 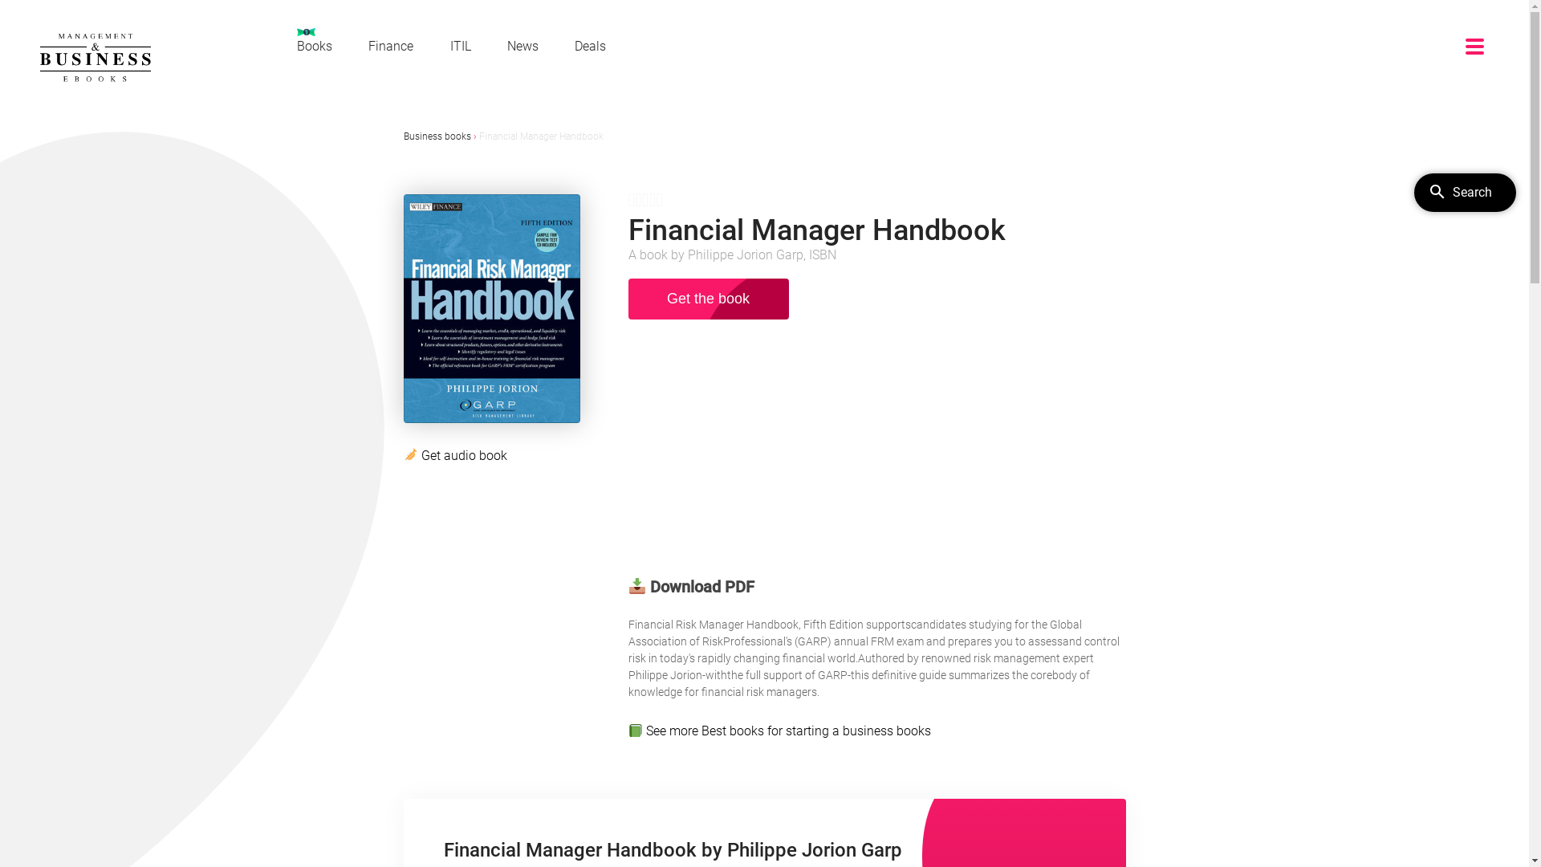 I want to click on 'Get the book', so click(x=707, y=300).